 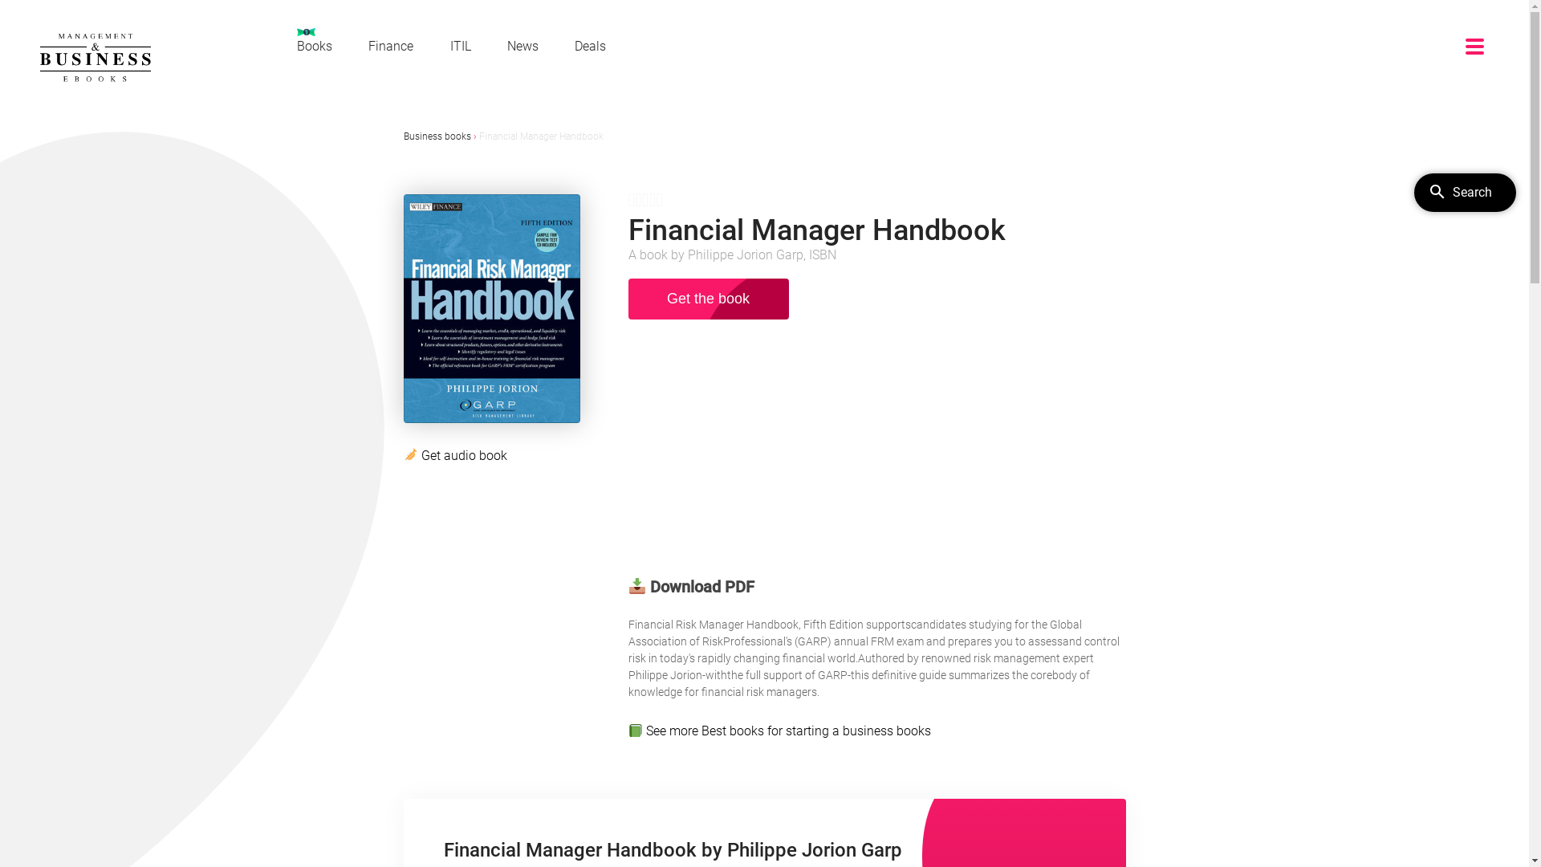 I want to click on 'Get the book', so click(x=707, y=300).